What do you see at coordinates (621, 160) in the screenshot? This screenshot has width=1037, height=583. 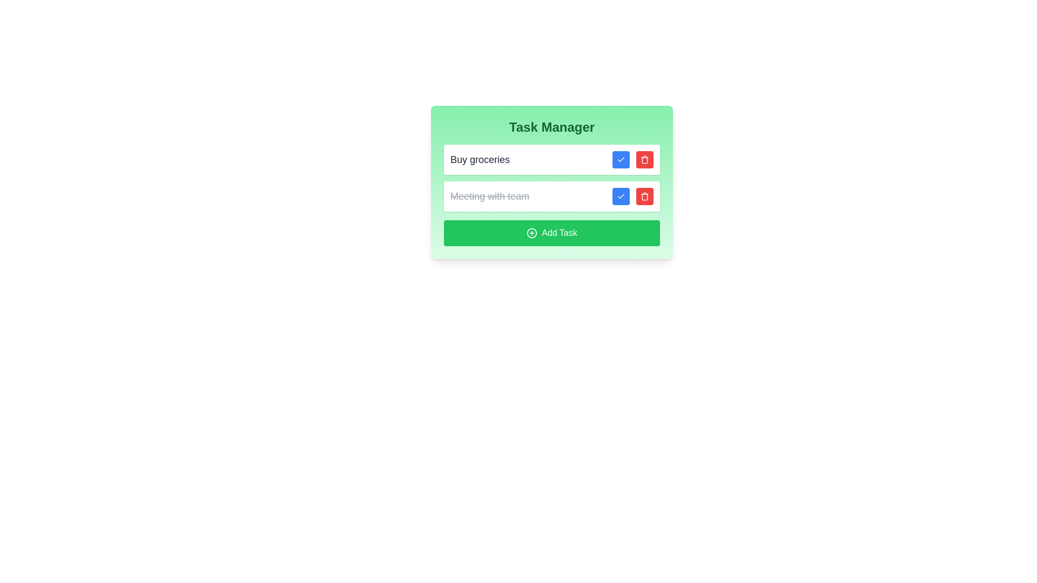 I see `the confirmation button located to the right of the 'Buy groceries' text input field to mark the associated task as completed` at bounding box center [621, 160].